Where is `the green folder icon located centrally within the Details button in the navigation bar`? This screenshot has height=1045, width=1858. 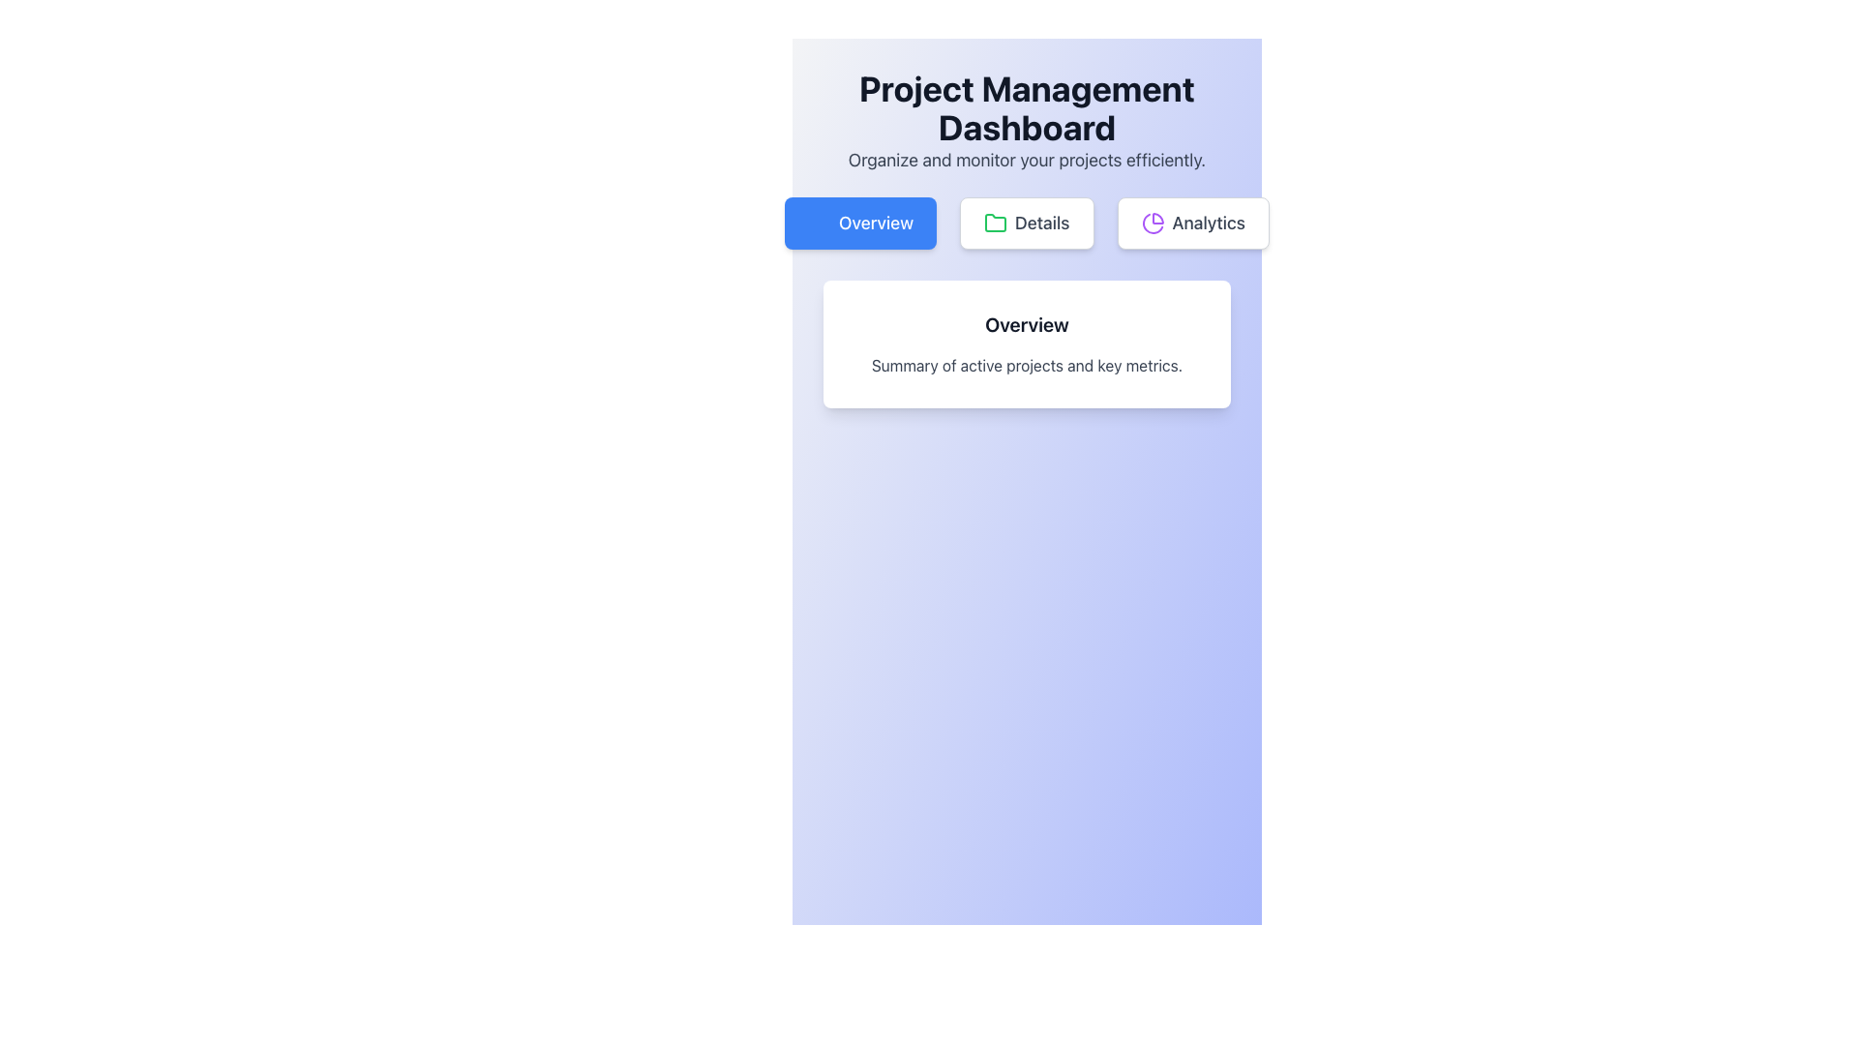 the green folder icon located centrally within the Details button in the navigation bar is located at coordinates (996, 222).